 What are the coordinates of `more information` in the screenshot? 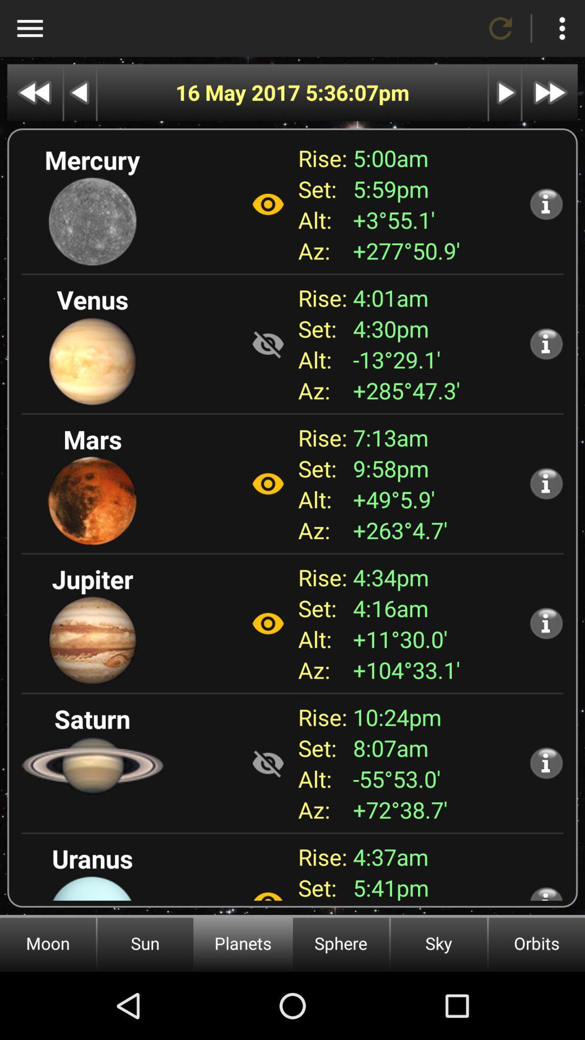 It's located at (546, 762).